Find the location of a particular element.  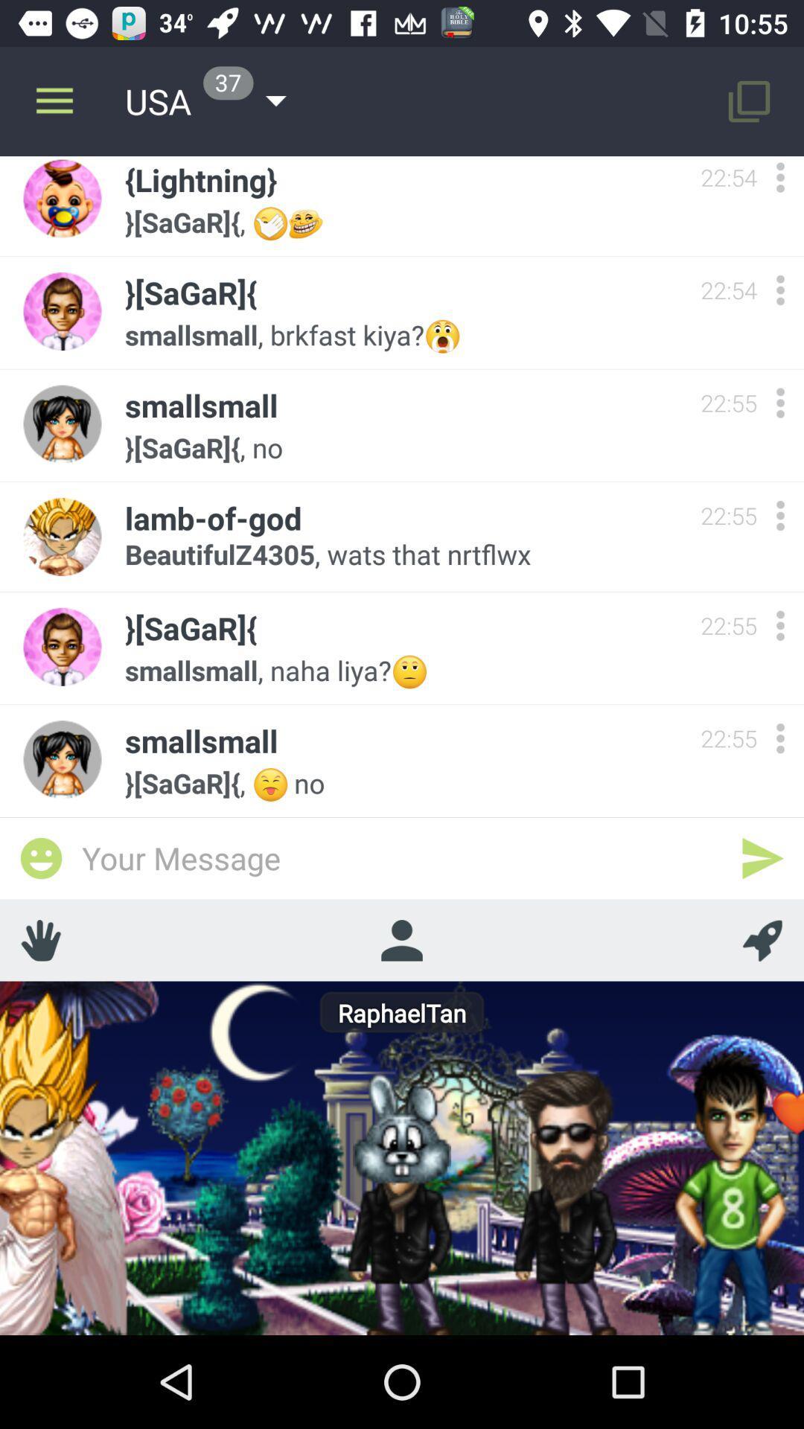

send is located at coordinates (762, 858).